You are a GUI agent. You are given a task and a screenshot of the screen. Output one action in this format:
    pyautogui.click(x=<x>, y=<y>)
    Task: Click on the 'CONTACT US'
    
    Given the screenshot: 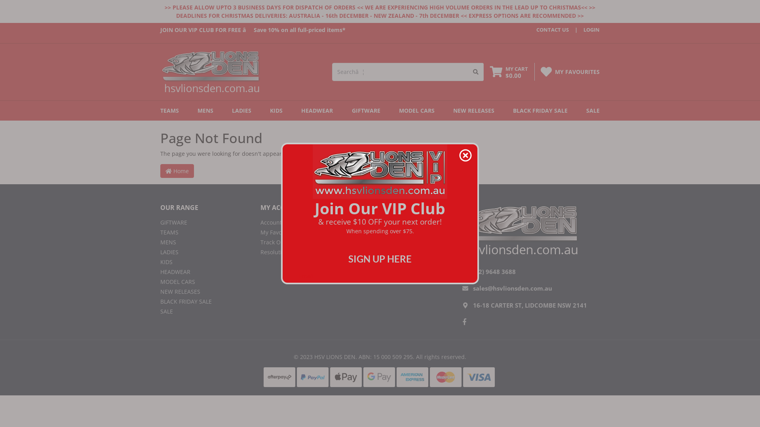 What is the action you would take?
    pyautogui.click(x=536, y=30)
    